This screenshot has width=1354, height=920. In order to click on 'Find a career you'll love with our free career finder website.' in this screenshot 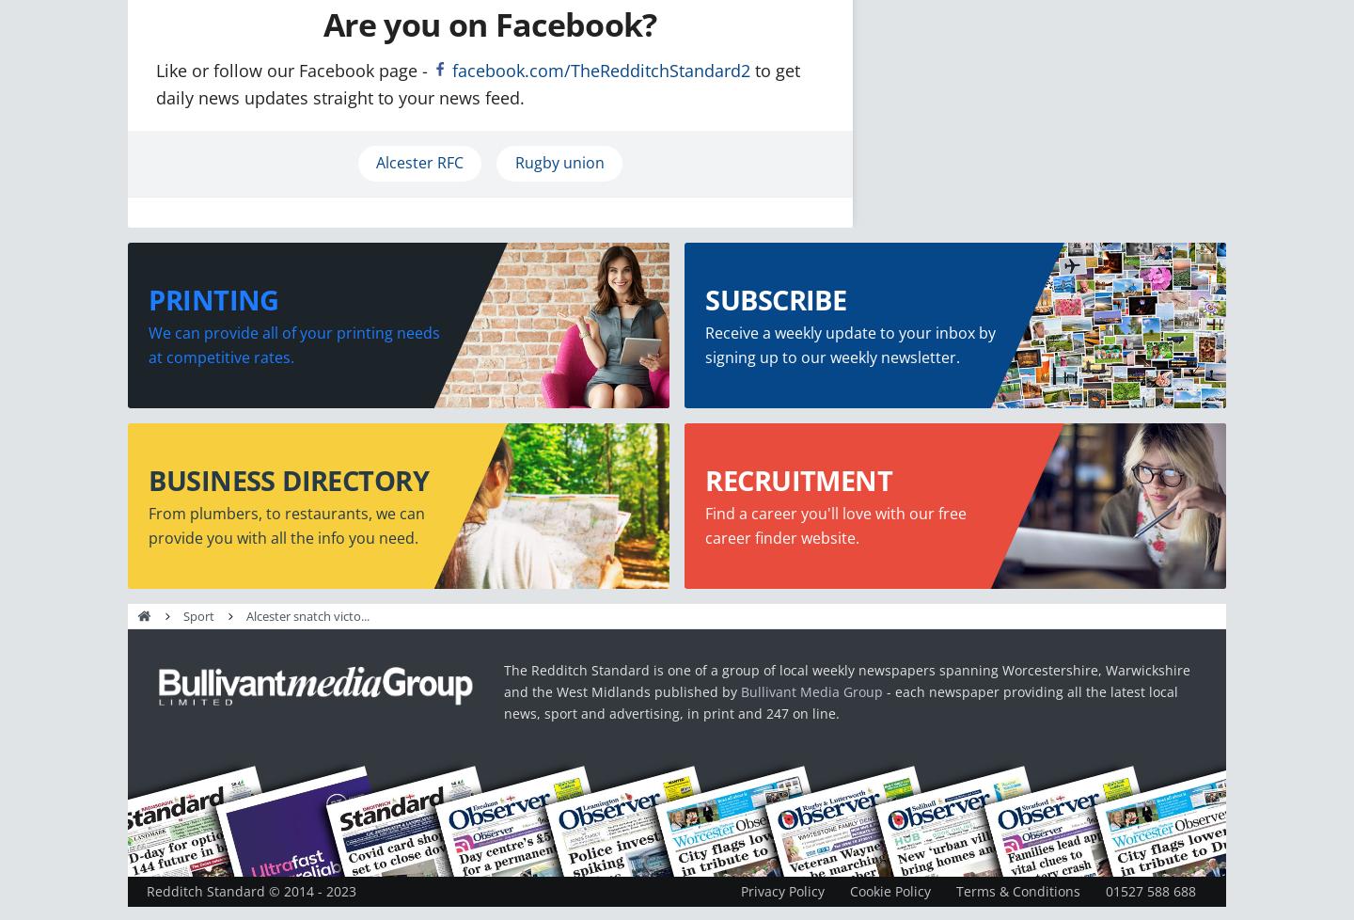, I will do `click(835, 525)`.